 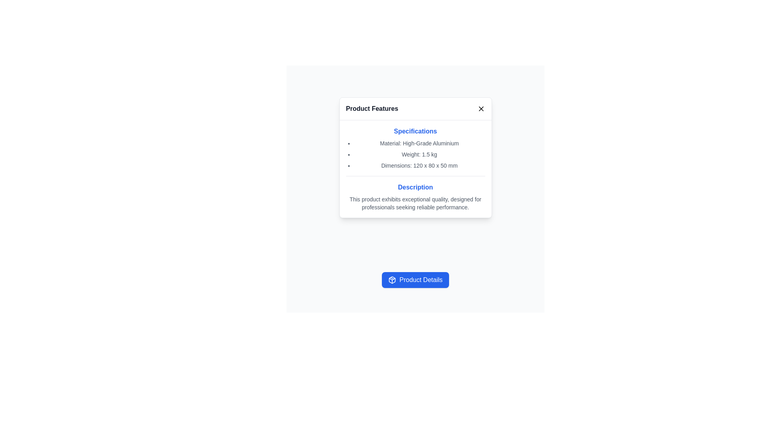 What do you see at coordinates (372, 108) in the screenshot?
I see `text content of the header Text Label located at the top-left of the modal, adjacent to the close button` at bounding box center [372, 108].